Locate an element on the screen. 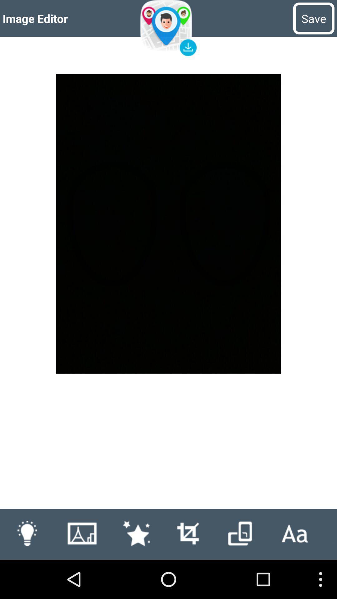  the location icon is located at coordinates (168, 30).